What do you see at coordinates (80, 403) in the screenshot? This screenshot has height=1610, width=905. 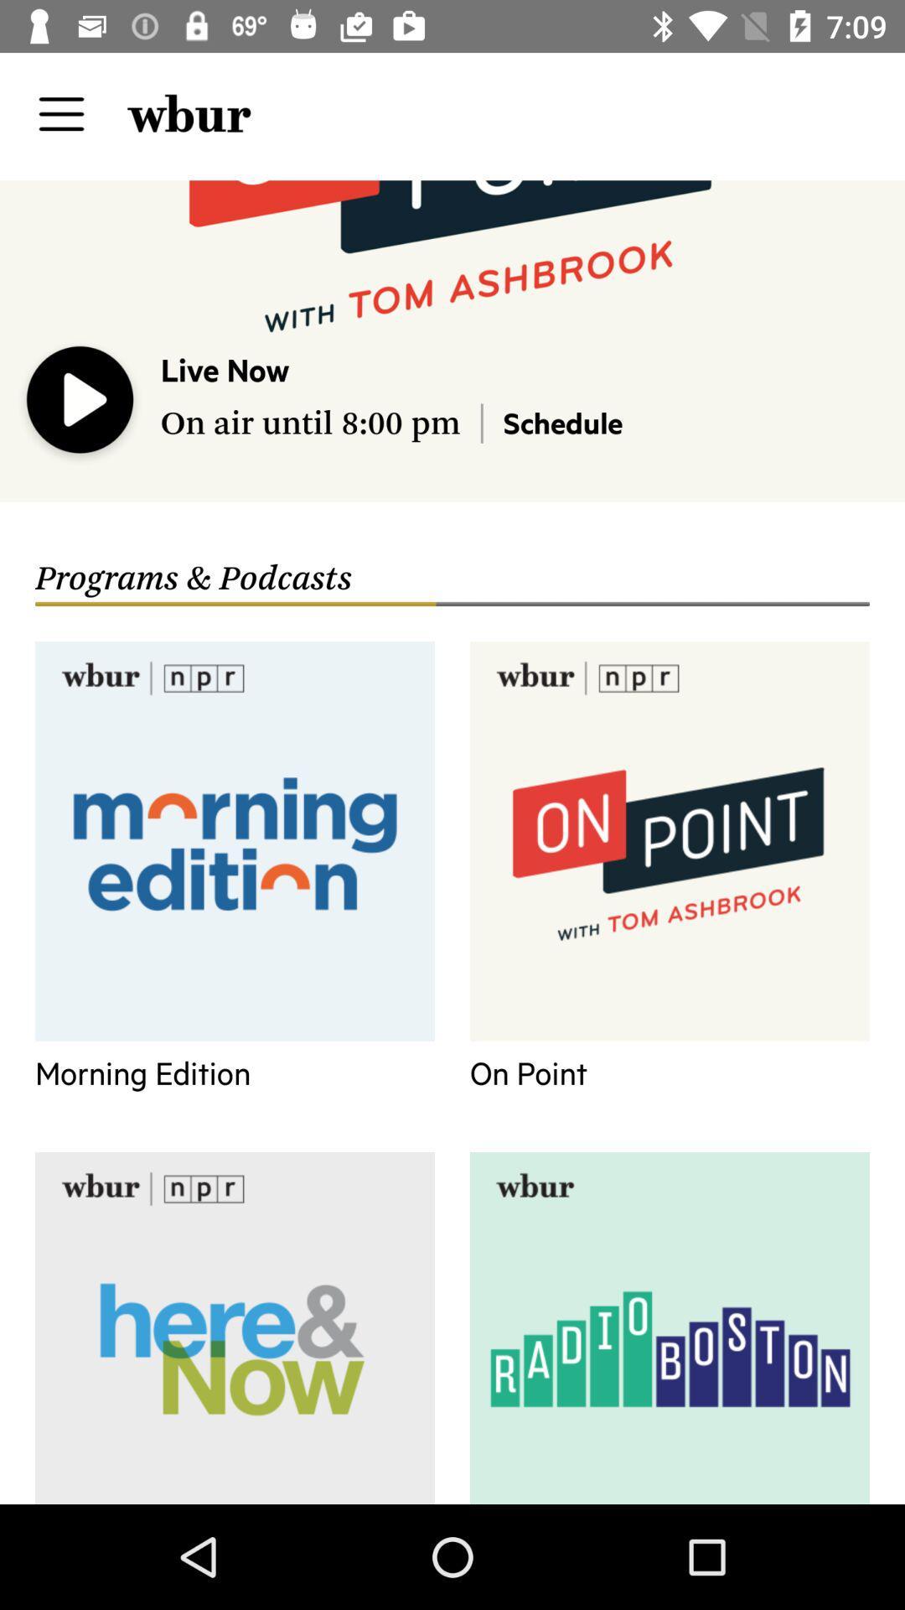 I see `playing now` at bounding box center [80, 403].